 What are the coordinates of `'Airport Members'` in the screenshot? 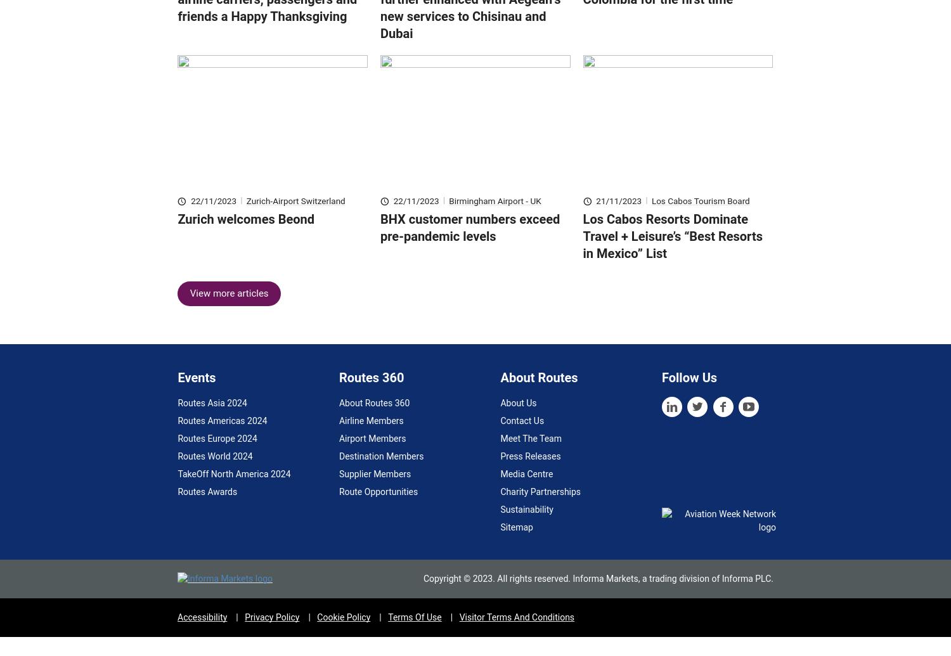 It's located at (371, 457).